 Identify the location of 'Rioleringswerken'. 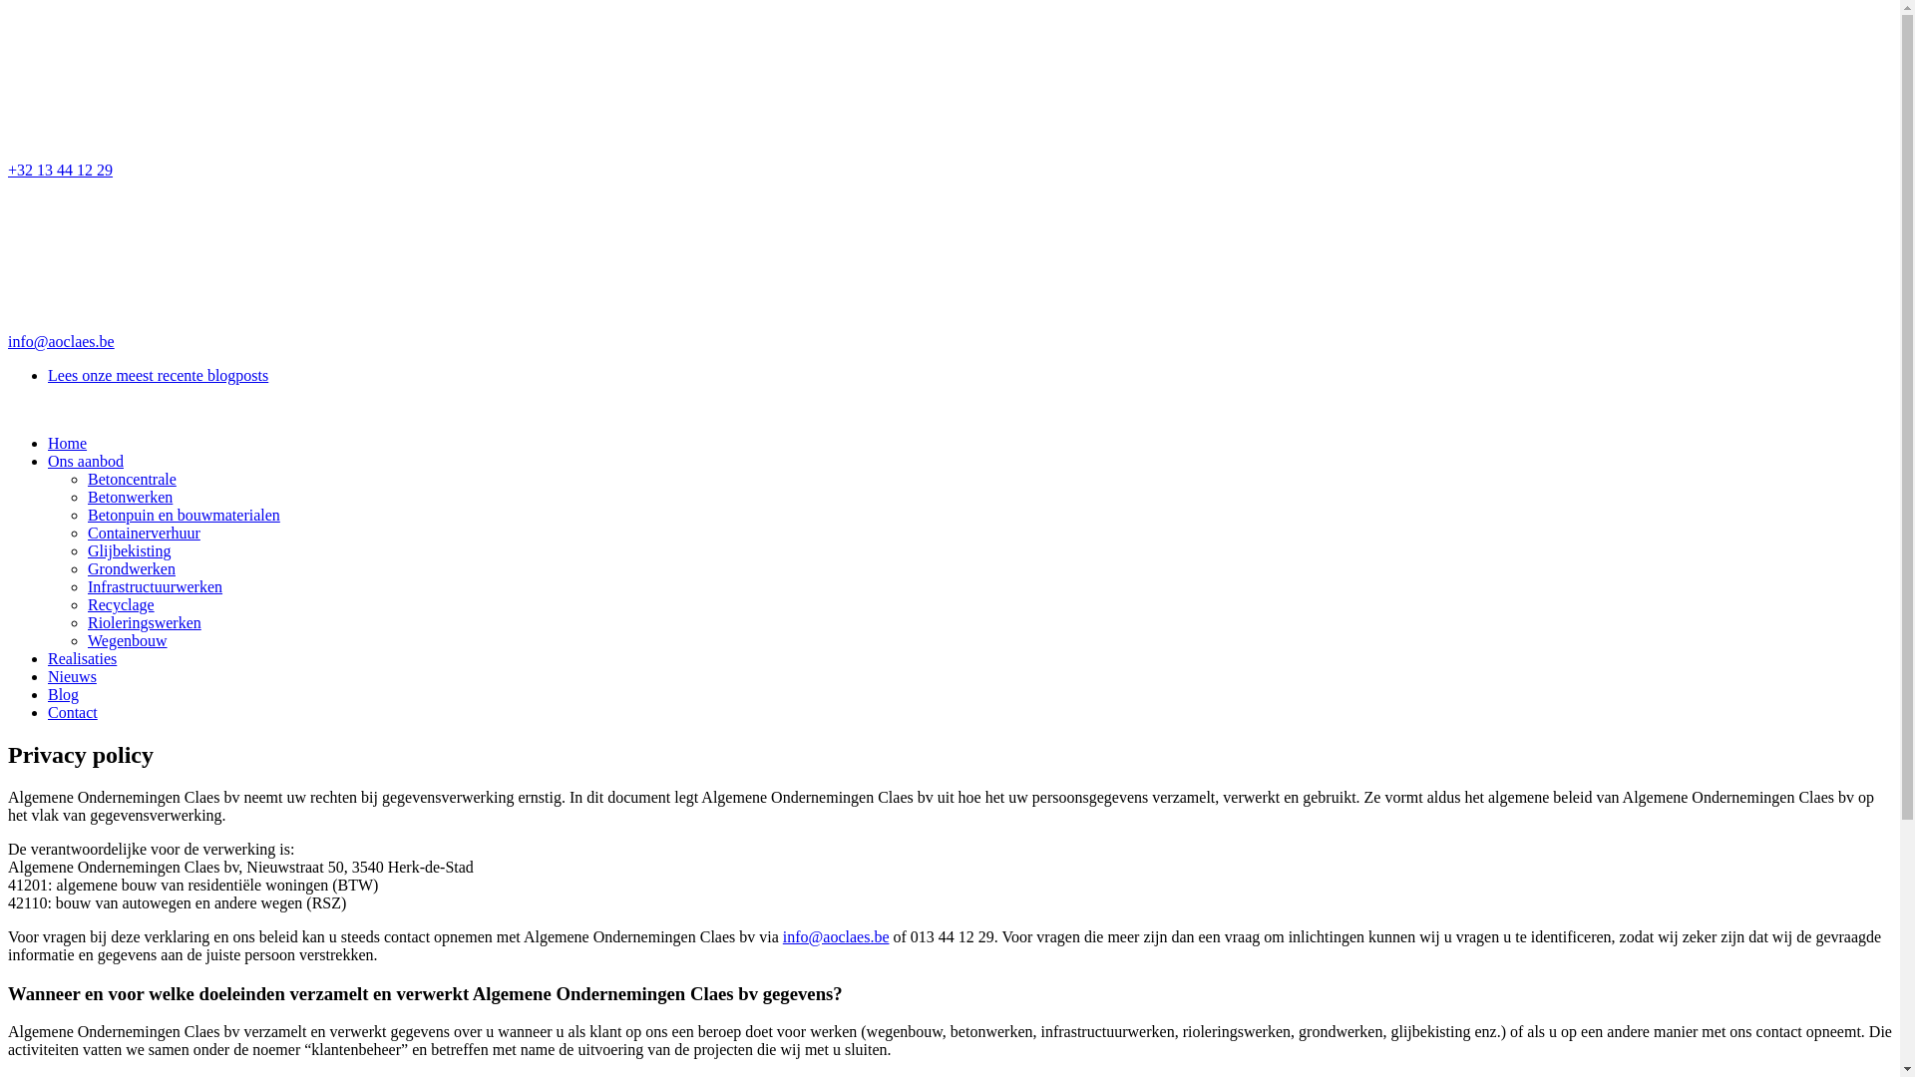
(143, 621).